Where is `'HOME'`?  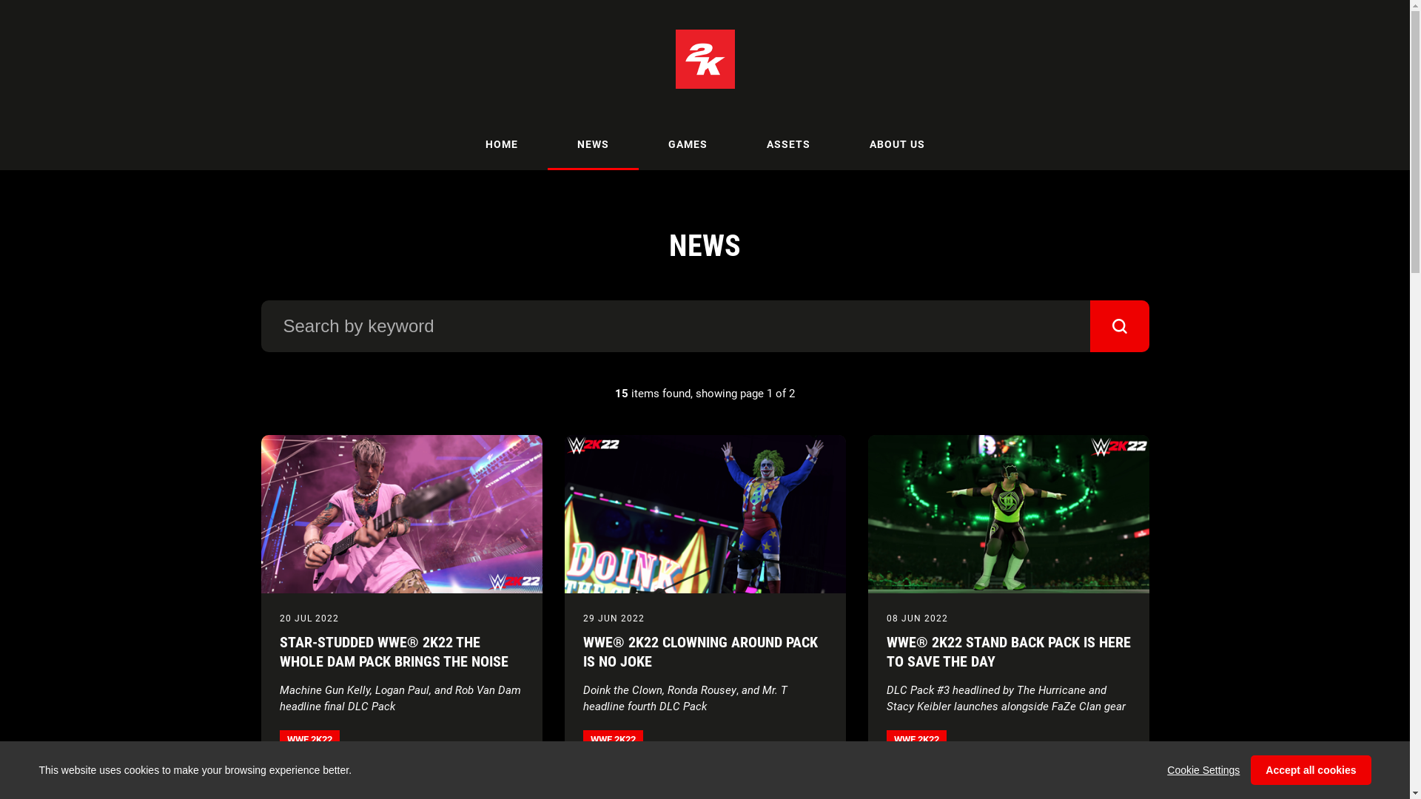 'HOME' is located at coordinates (501, 144).